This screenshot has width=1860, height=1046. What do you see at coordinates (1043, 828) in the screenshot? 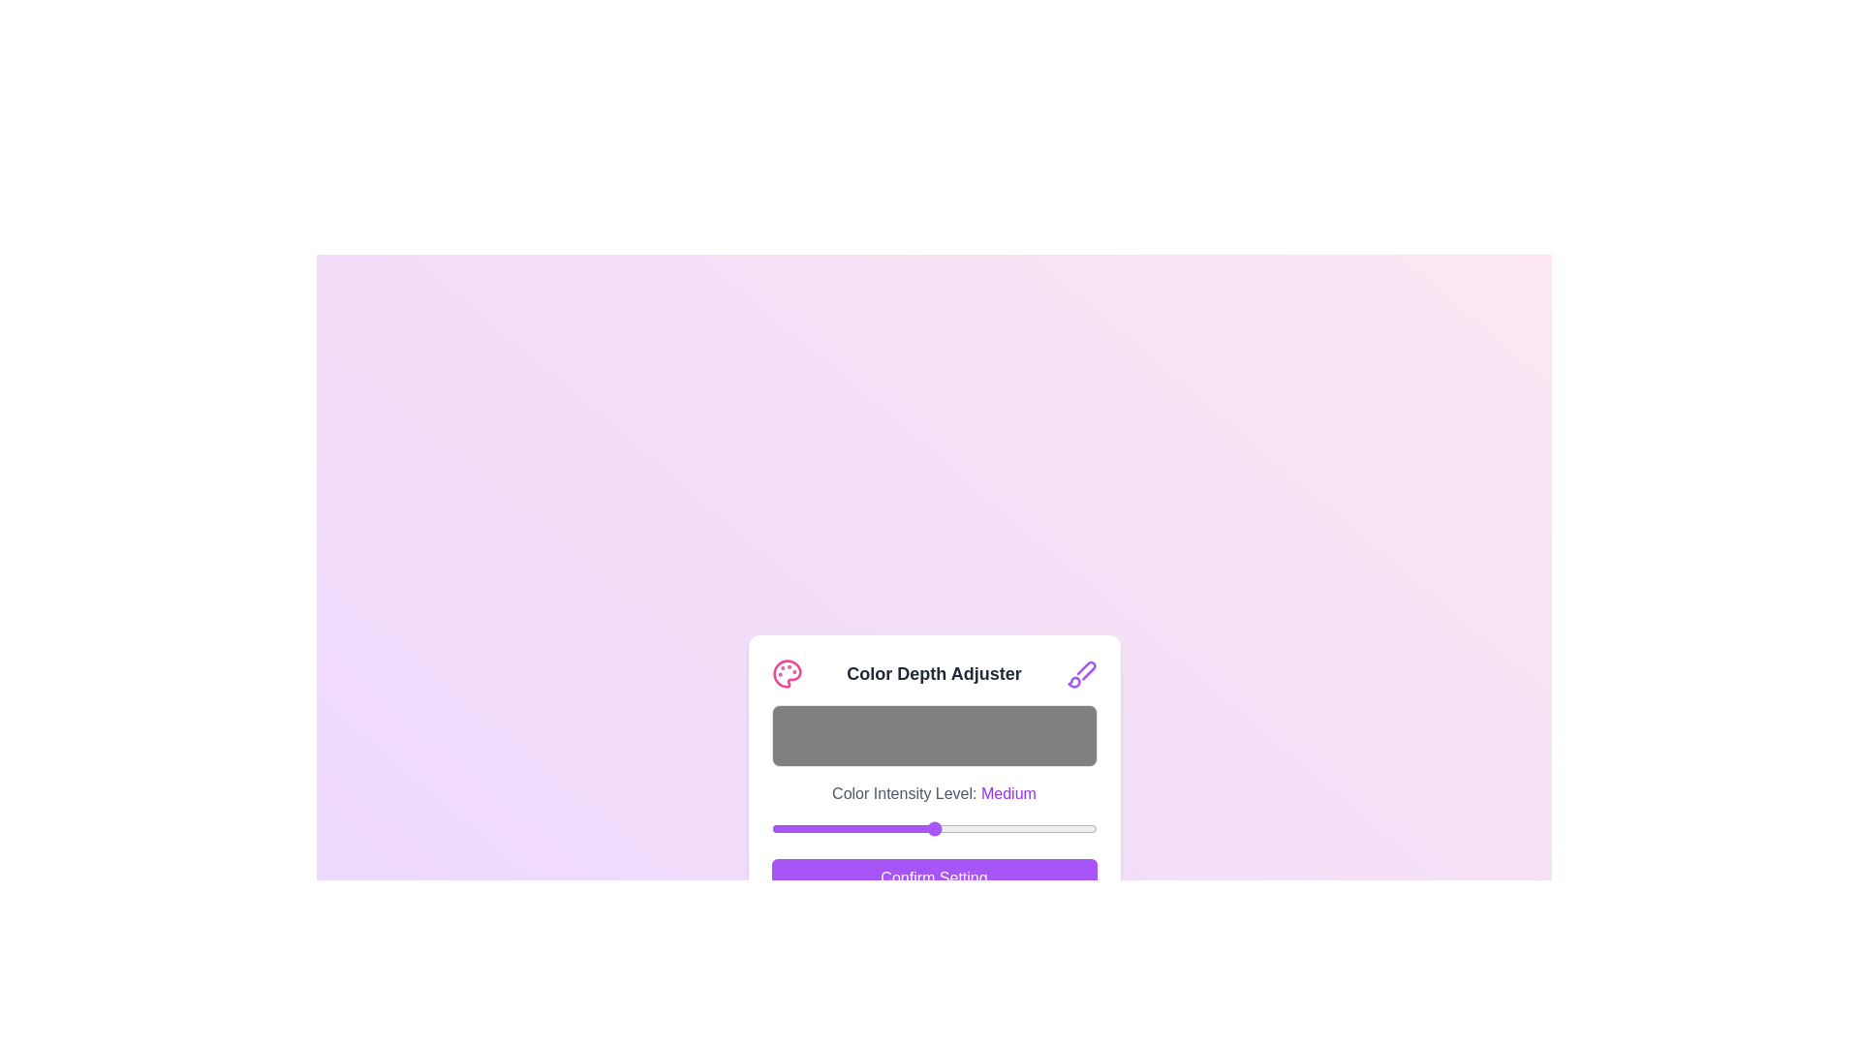
I see `the color intensity slider to 214 where 214 is a value between 0 and 255` at bounding box center [1043, 828].